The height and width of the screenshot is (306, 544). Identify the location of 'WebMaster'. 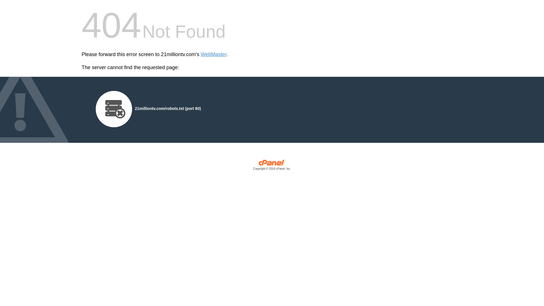
(213, 54).